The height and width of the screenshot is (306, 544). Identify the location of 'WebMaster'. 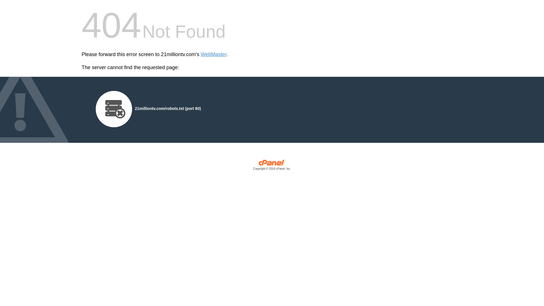
(213, 54).